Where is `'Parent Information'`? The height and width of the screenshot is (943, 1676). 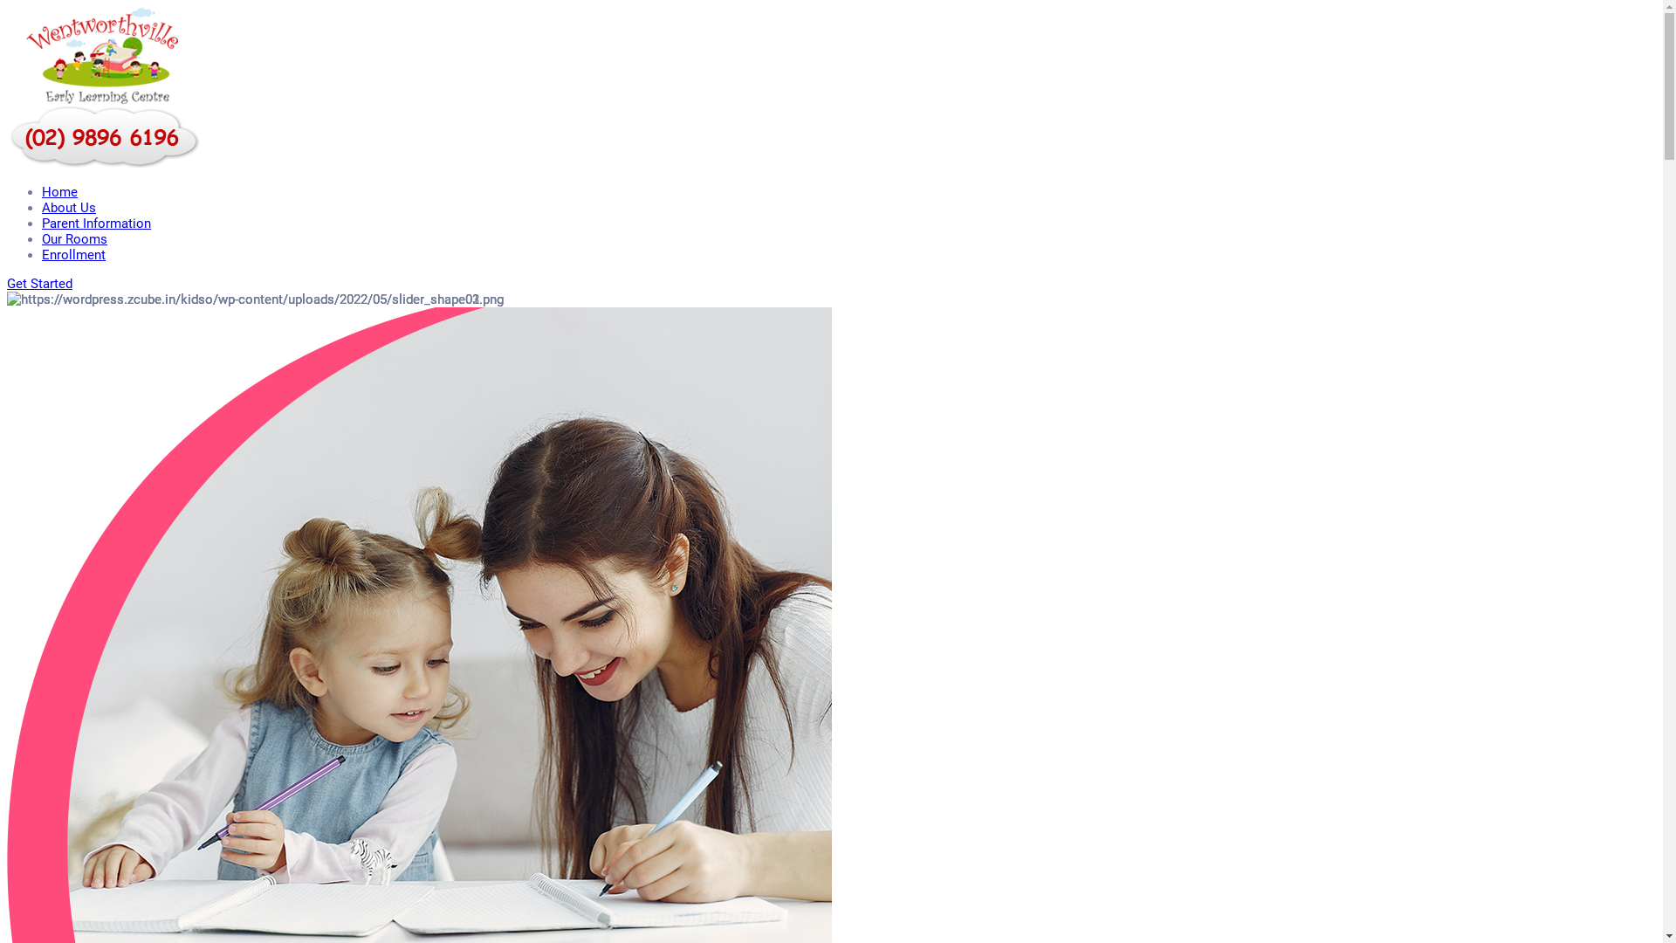
'Parent Information' is located at coordinates (95, 222).